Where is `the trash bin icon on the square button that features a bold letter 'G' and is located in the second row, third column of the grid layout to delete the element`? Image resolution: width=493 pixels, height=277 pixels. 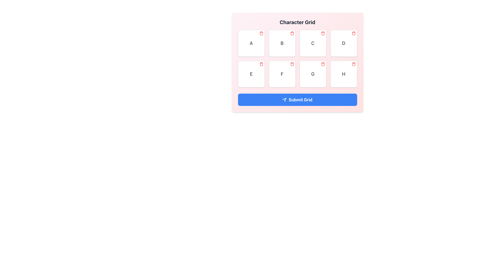 the trash bin icon on the square button that features a bold letter 'G' and is located in the second row, third column of the grid layout to delete the element is located at coordinates (312, 74).